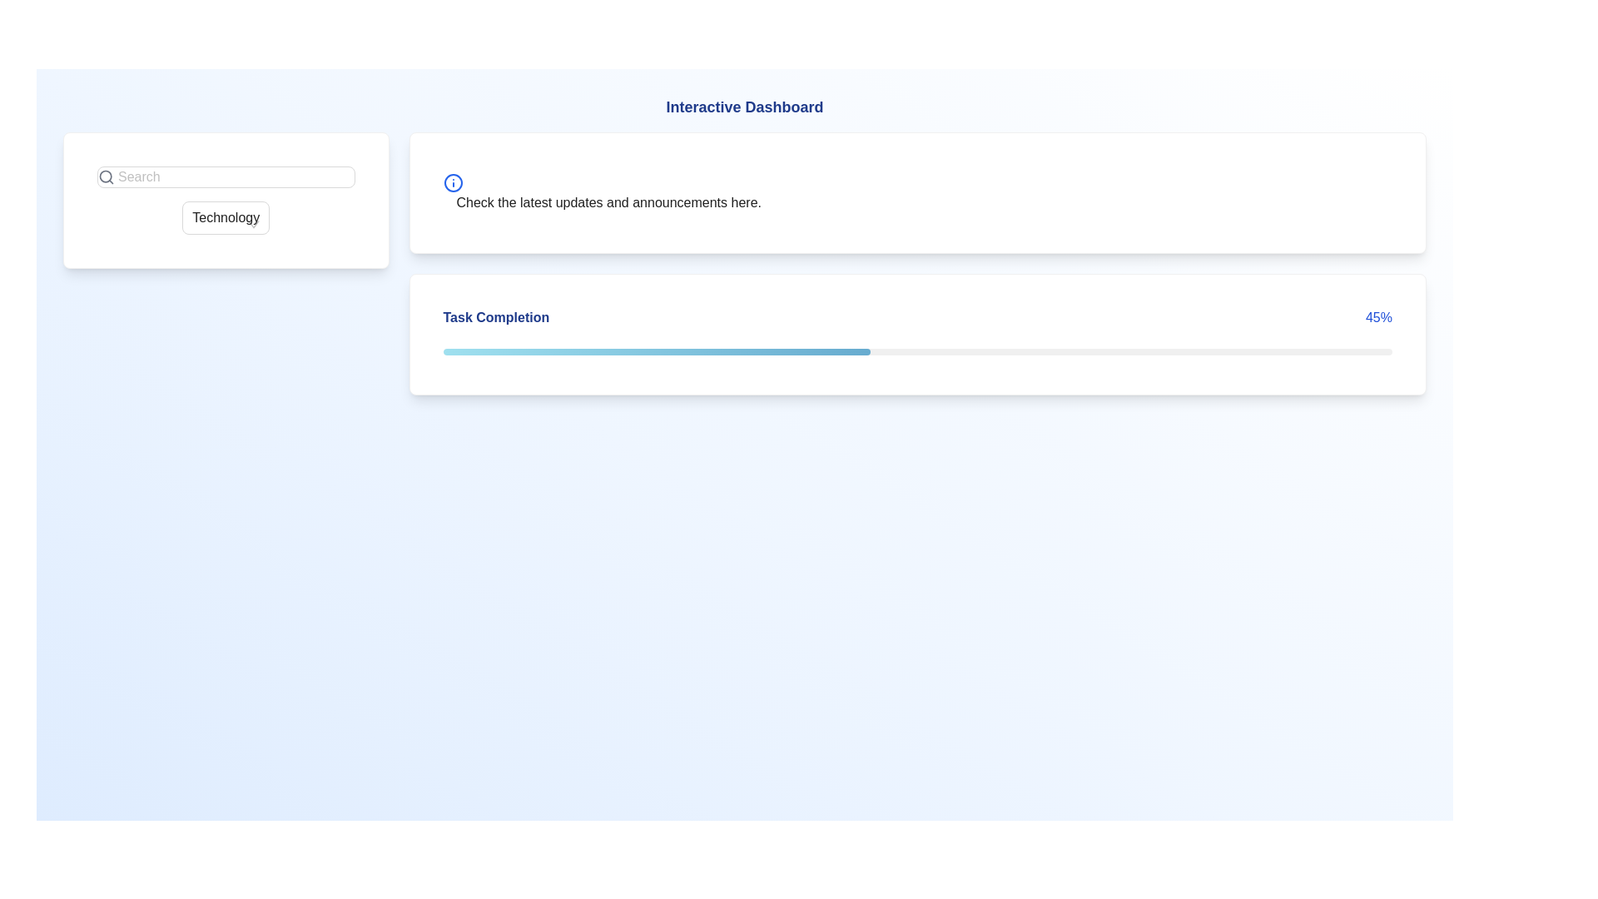 The width and height of the screenshot is (1598, 899). I want to click on the blue circular icon located in the top-right card that contains the text 'Check the latest updates and announcements here.', so click(453, 182).